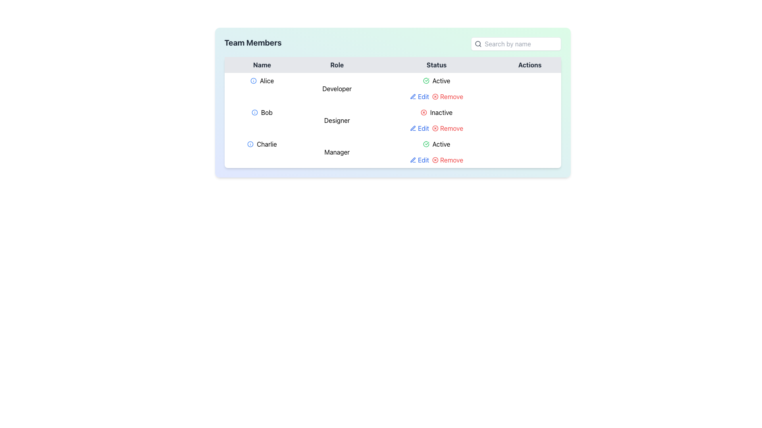 The image size is (762, 428). What do you see at coordinates (448, 128) in the screenshot?
I see `delete button located in the 'Actions' column of the second row in the table for the entry labeled 'Bob'. This button is positioned after the 'Edit' element` at bounding box center [448, 128].